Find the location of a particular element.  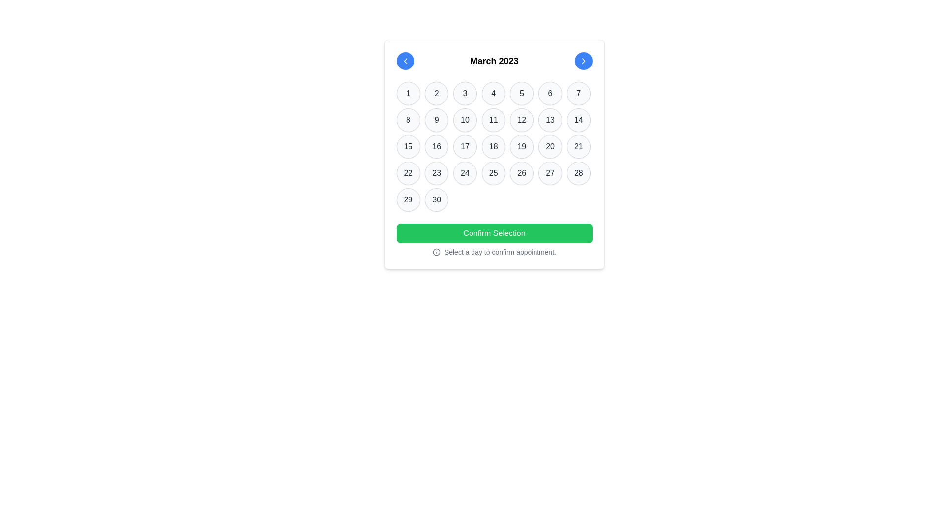

the text label indicating the currently displayed month and year of the calendar view, which is centrally aligned and positioned between two circular navigation buttons is located at coordinates (494, 61).